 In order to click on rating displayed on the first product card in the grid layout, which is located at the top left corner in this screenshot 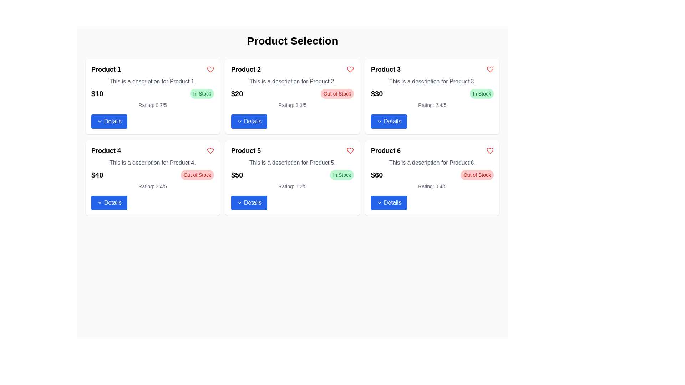, I will do `click(152, 96)`.